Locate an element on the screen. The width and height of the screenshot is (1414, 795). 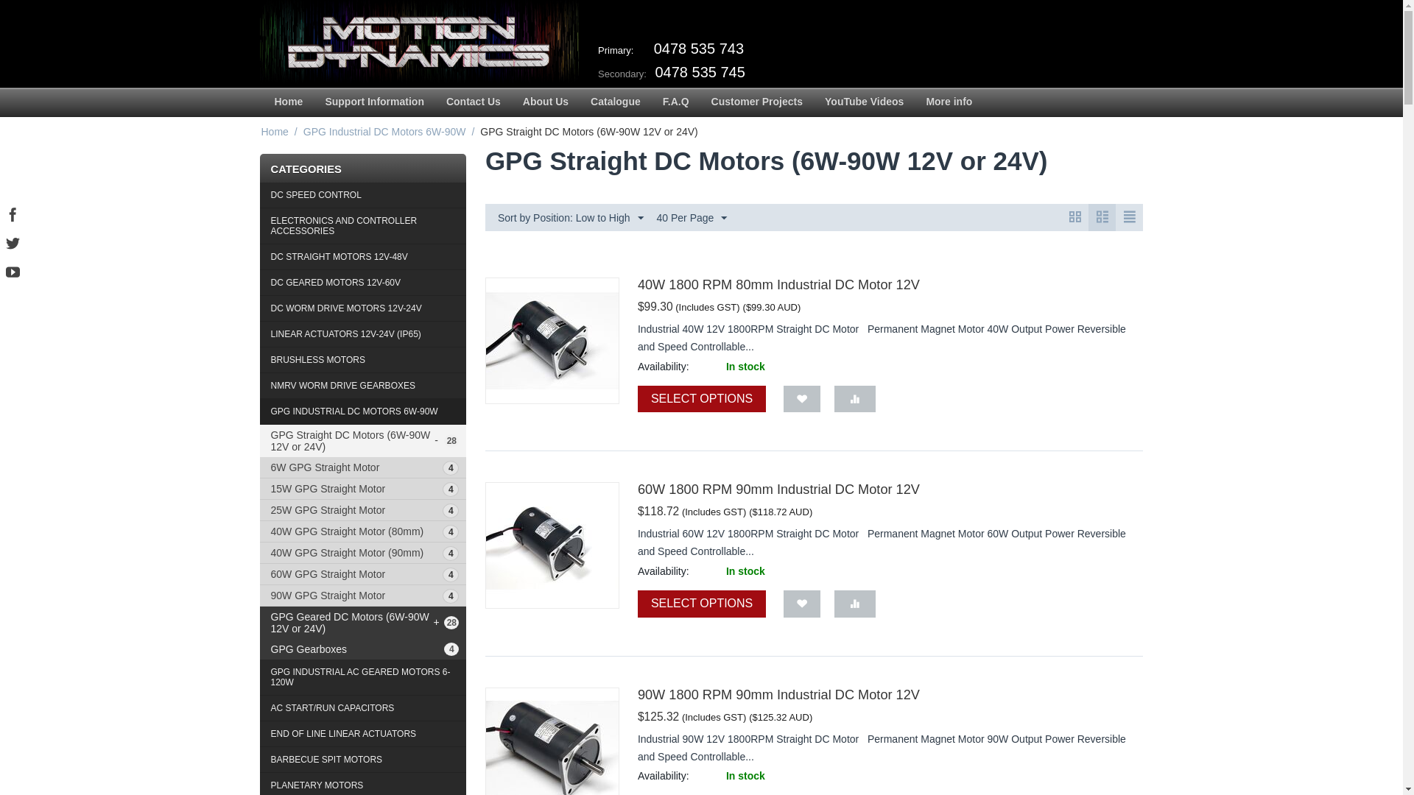
'Sort by Position: Low to High' is located at coordinates (569, 216).